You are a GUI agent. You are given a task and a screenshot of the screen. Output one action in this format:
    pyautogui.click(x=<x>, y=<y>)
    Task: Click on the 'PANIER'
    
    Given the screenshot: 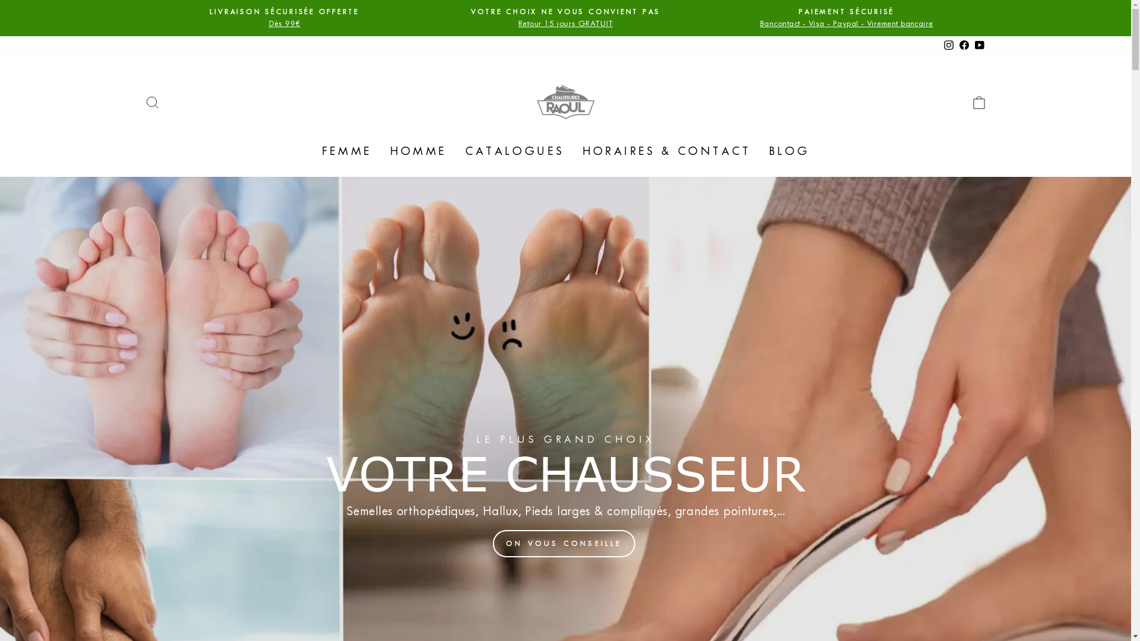 What is the action you would take?
    pyautogui.click(x=978, y=101)
    